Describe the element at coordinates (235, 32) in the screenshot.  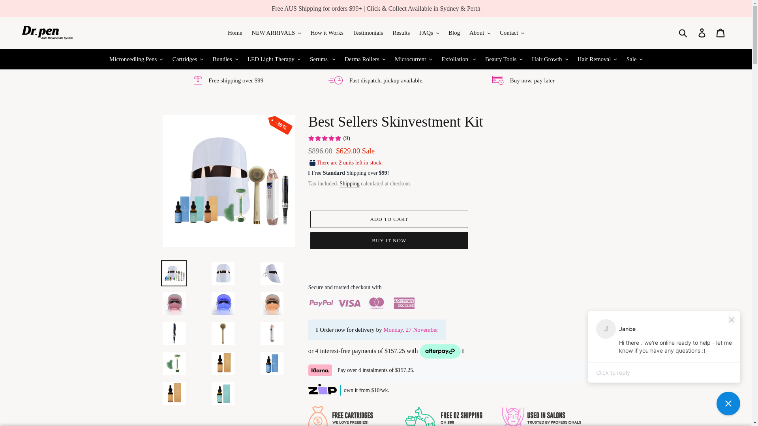
I see `'Home'` at that location.